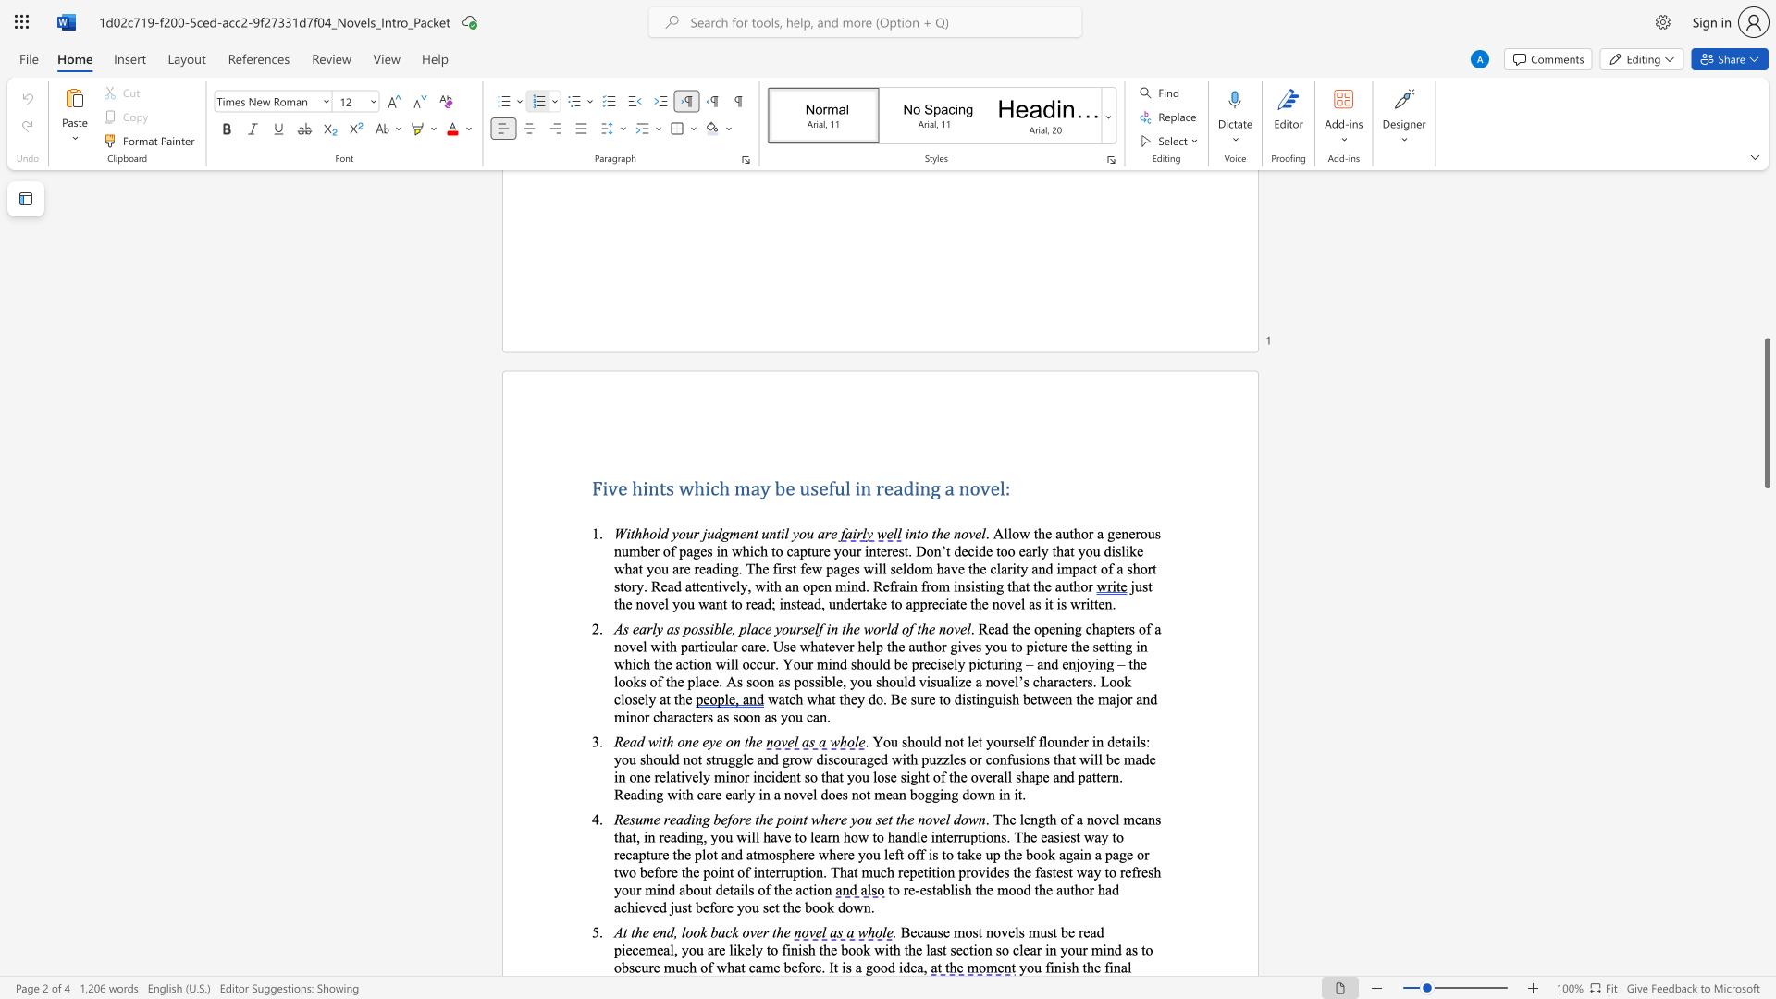 The image size is (1776, 999). I want to click on the 6th character "i" in the text, so click(974, 949).